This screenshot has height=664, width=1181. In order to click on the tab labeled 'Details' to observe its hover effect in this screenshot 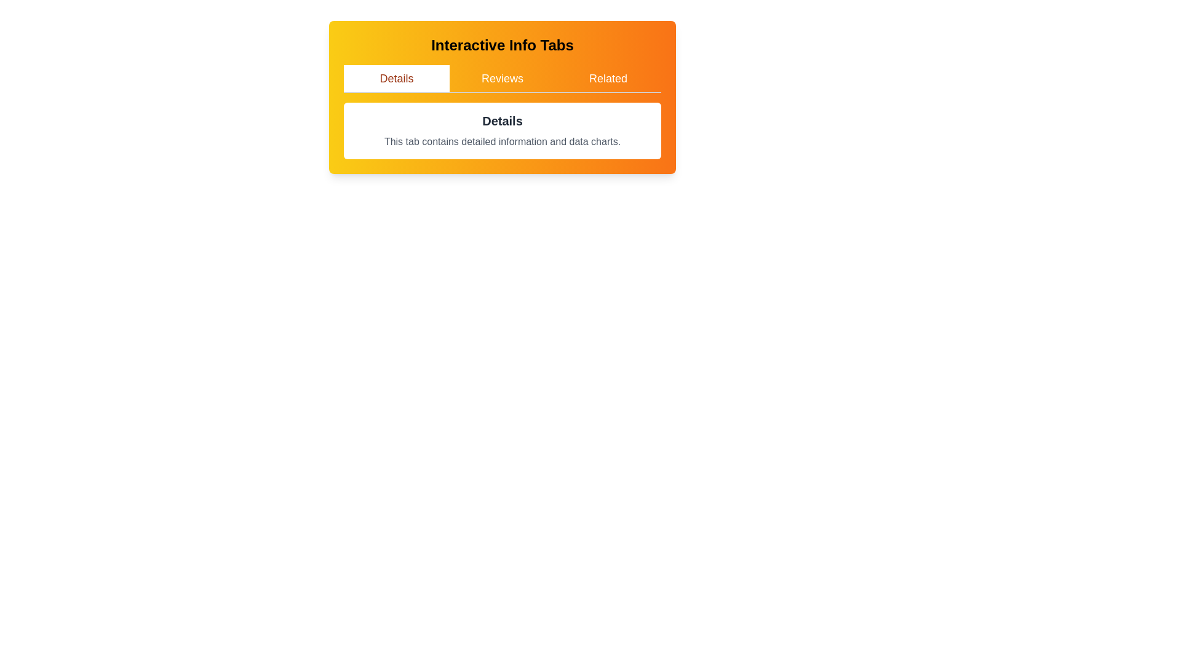, I will do `click(396, 78)`.